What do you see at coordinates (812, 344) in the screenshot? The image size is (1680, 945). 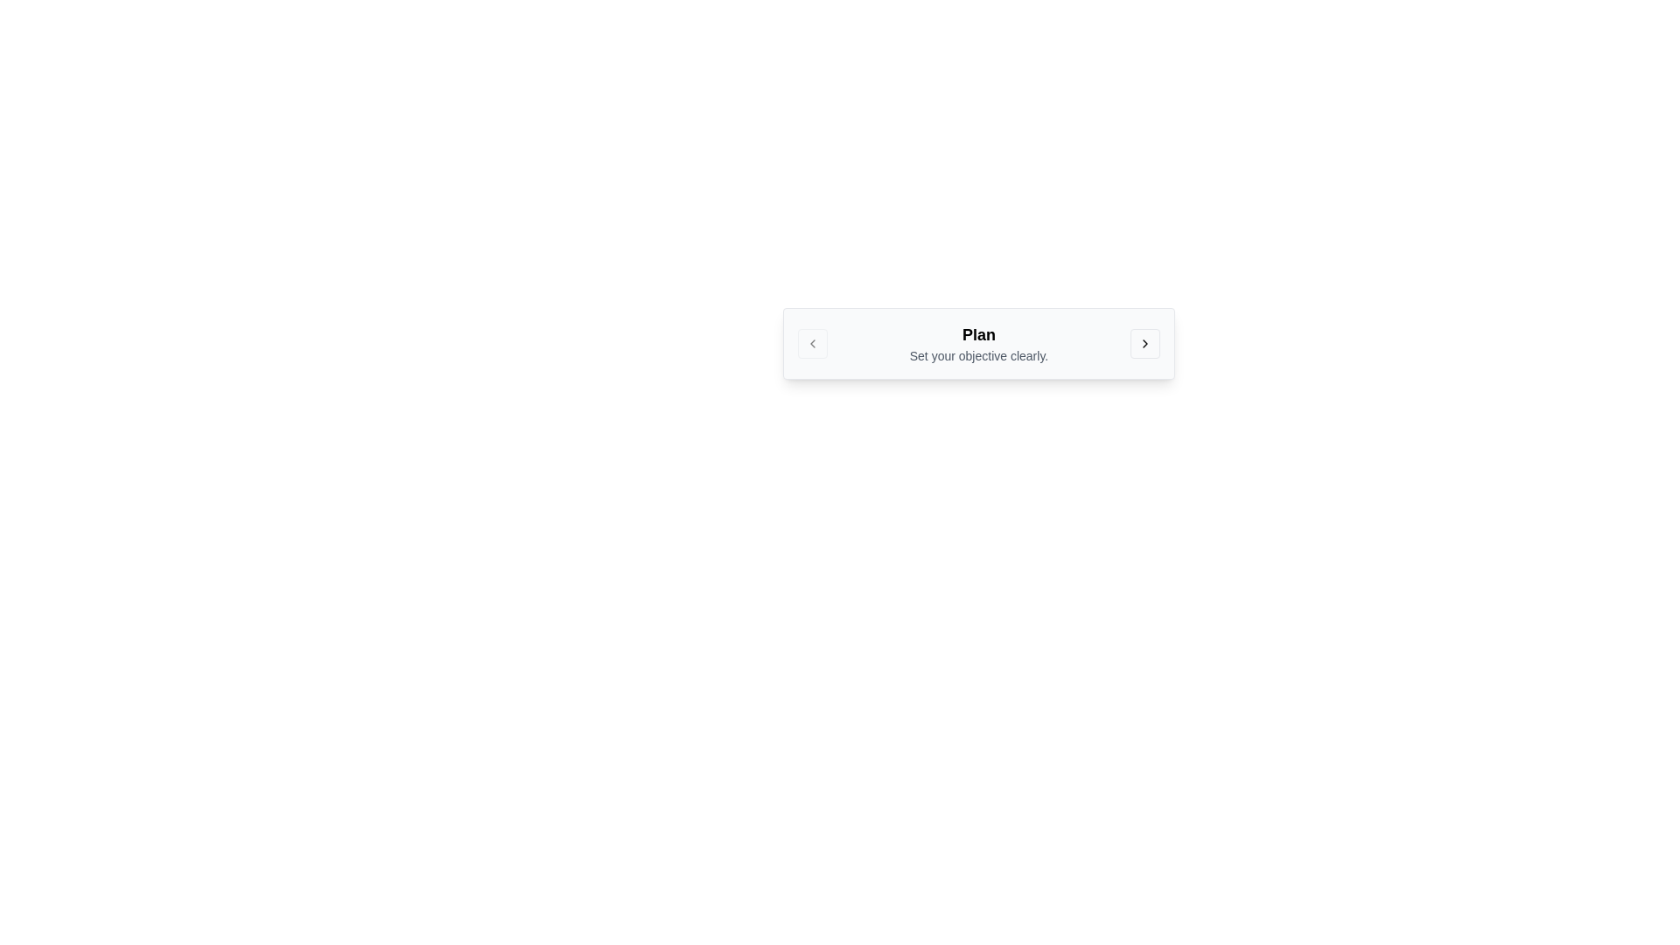 I see `the leftmost button in the row, which is a small square-shaped button with rounded corners and a left-pointing chevron icon, currently appearing in a muted or disabled state` at bounding box center [812, 344].